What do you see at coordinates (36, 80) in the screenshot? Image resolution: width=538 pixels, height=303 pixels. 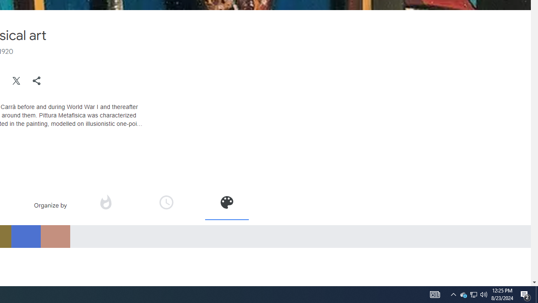 I see `'Share "Metaphysical art"'` at bounding box center [36, 80].